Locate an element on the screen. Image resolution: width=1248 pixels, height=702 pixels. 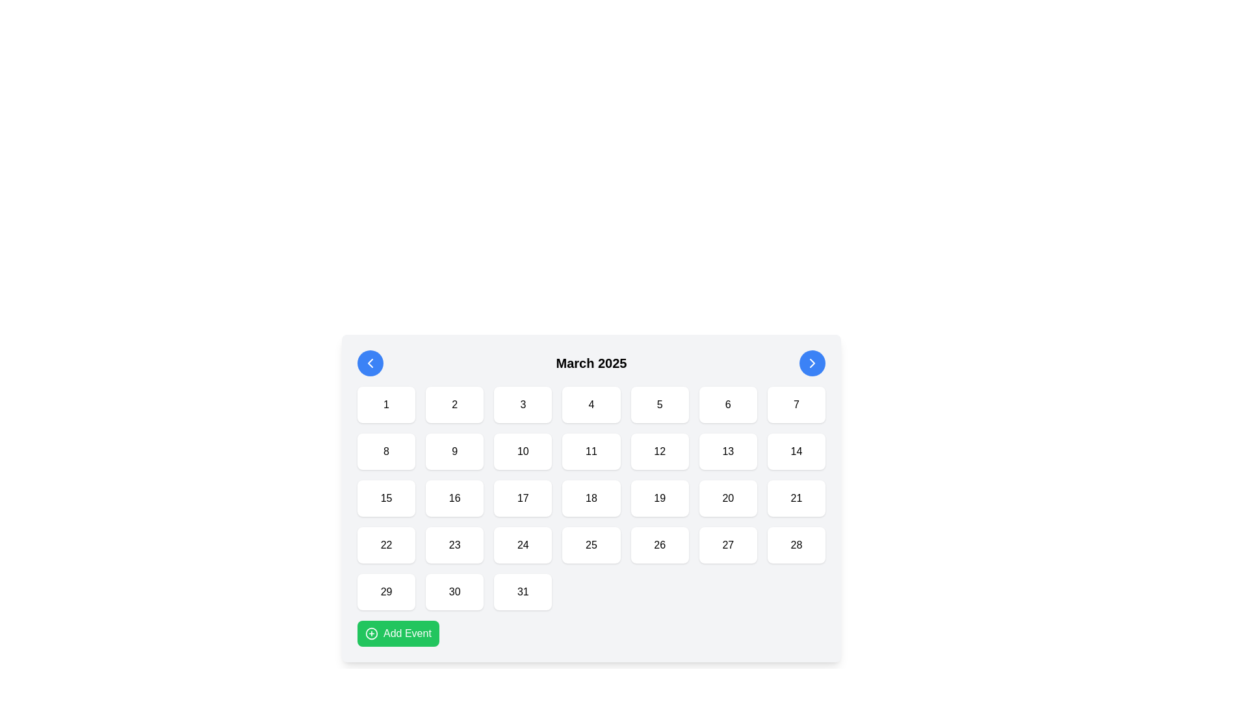
the circular SVG shape that is part of the '+' icon in the calendar interface, located below the calendar dates near the green 'Add Event' button is located at coordinates (370, 633).